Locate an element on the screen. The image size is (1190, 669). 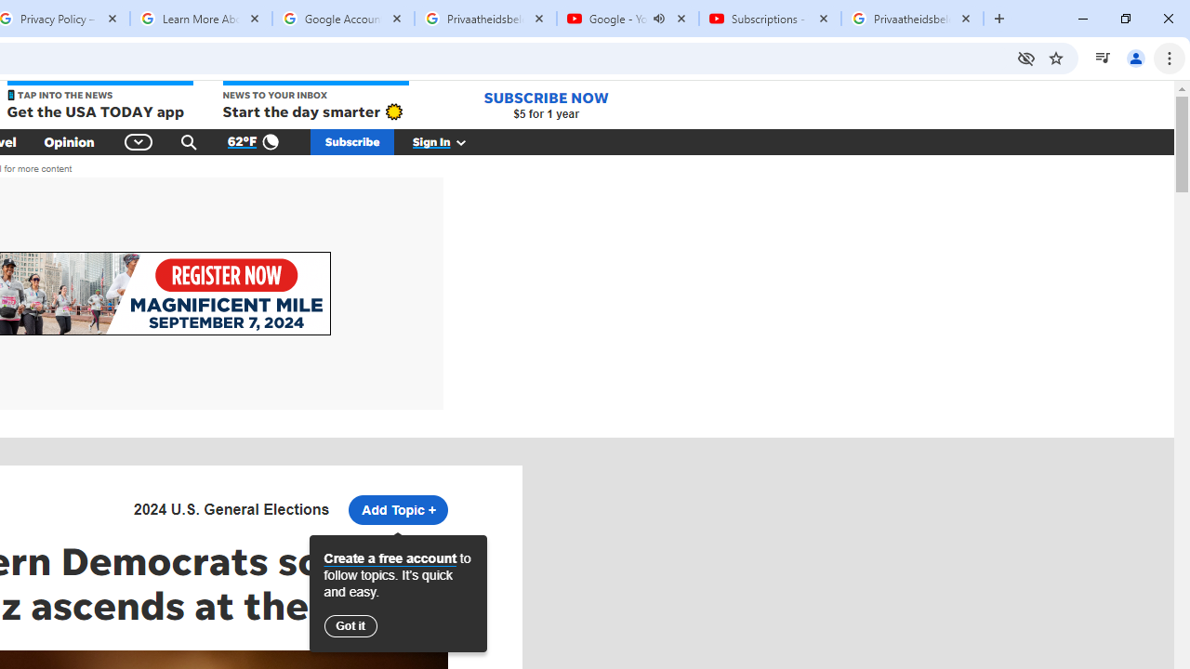
'Subscriptions - YouTube' is located at coordinates (770, 19).